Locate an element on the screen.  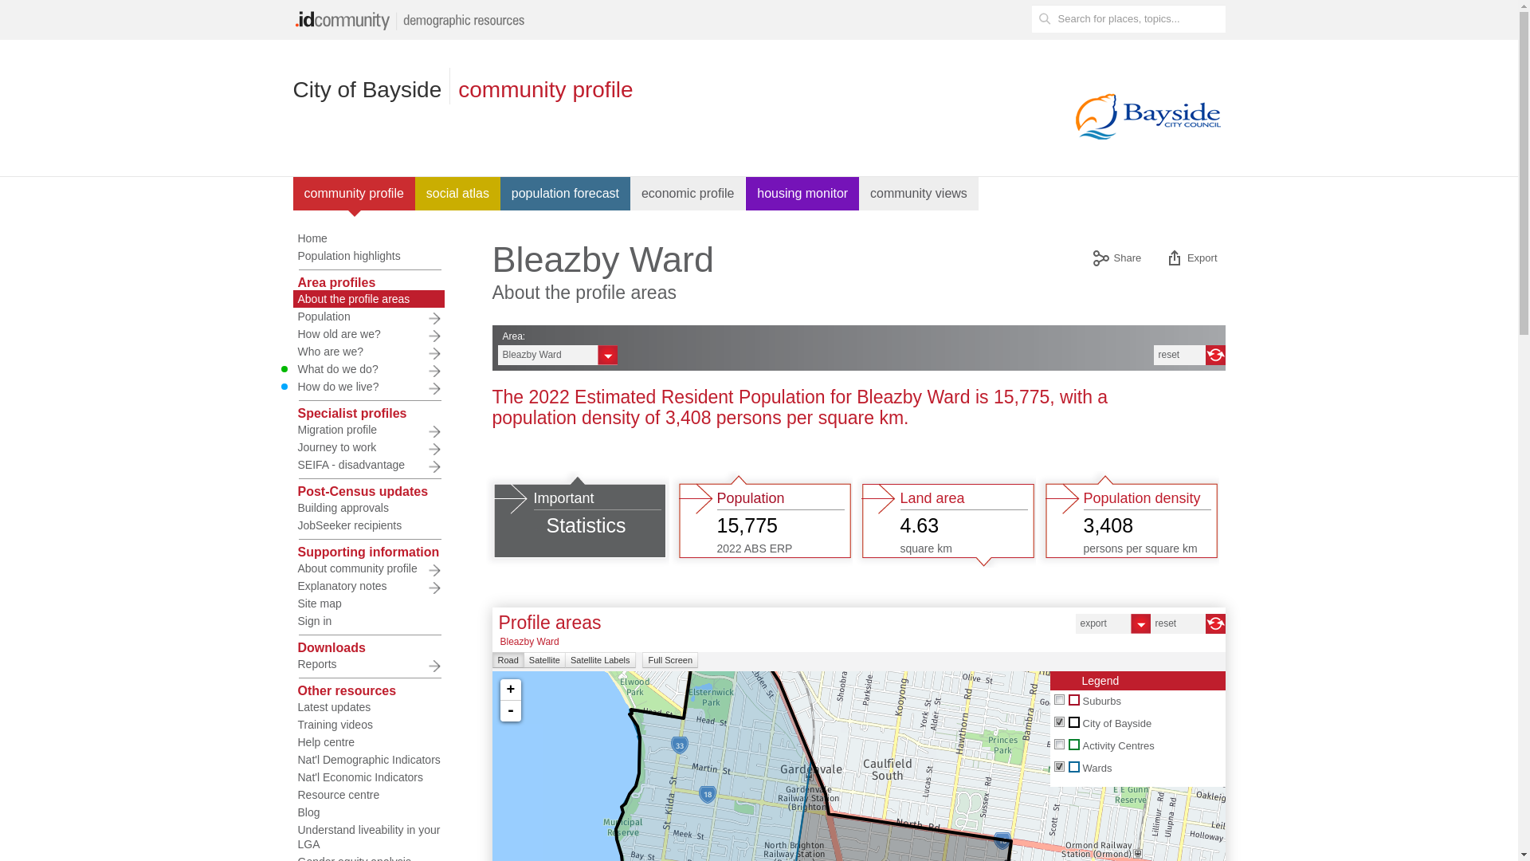
'housing monitor' is located at coordinates (745, 193).